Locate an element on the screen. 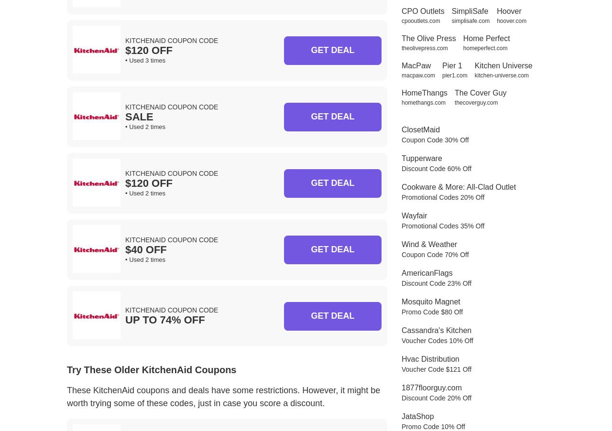 This screenshot has width=612, height=431. 'Promo Code $80 Off' is located at coordinates (432, 311).